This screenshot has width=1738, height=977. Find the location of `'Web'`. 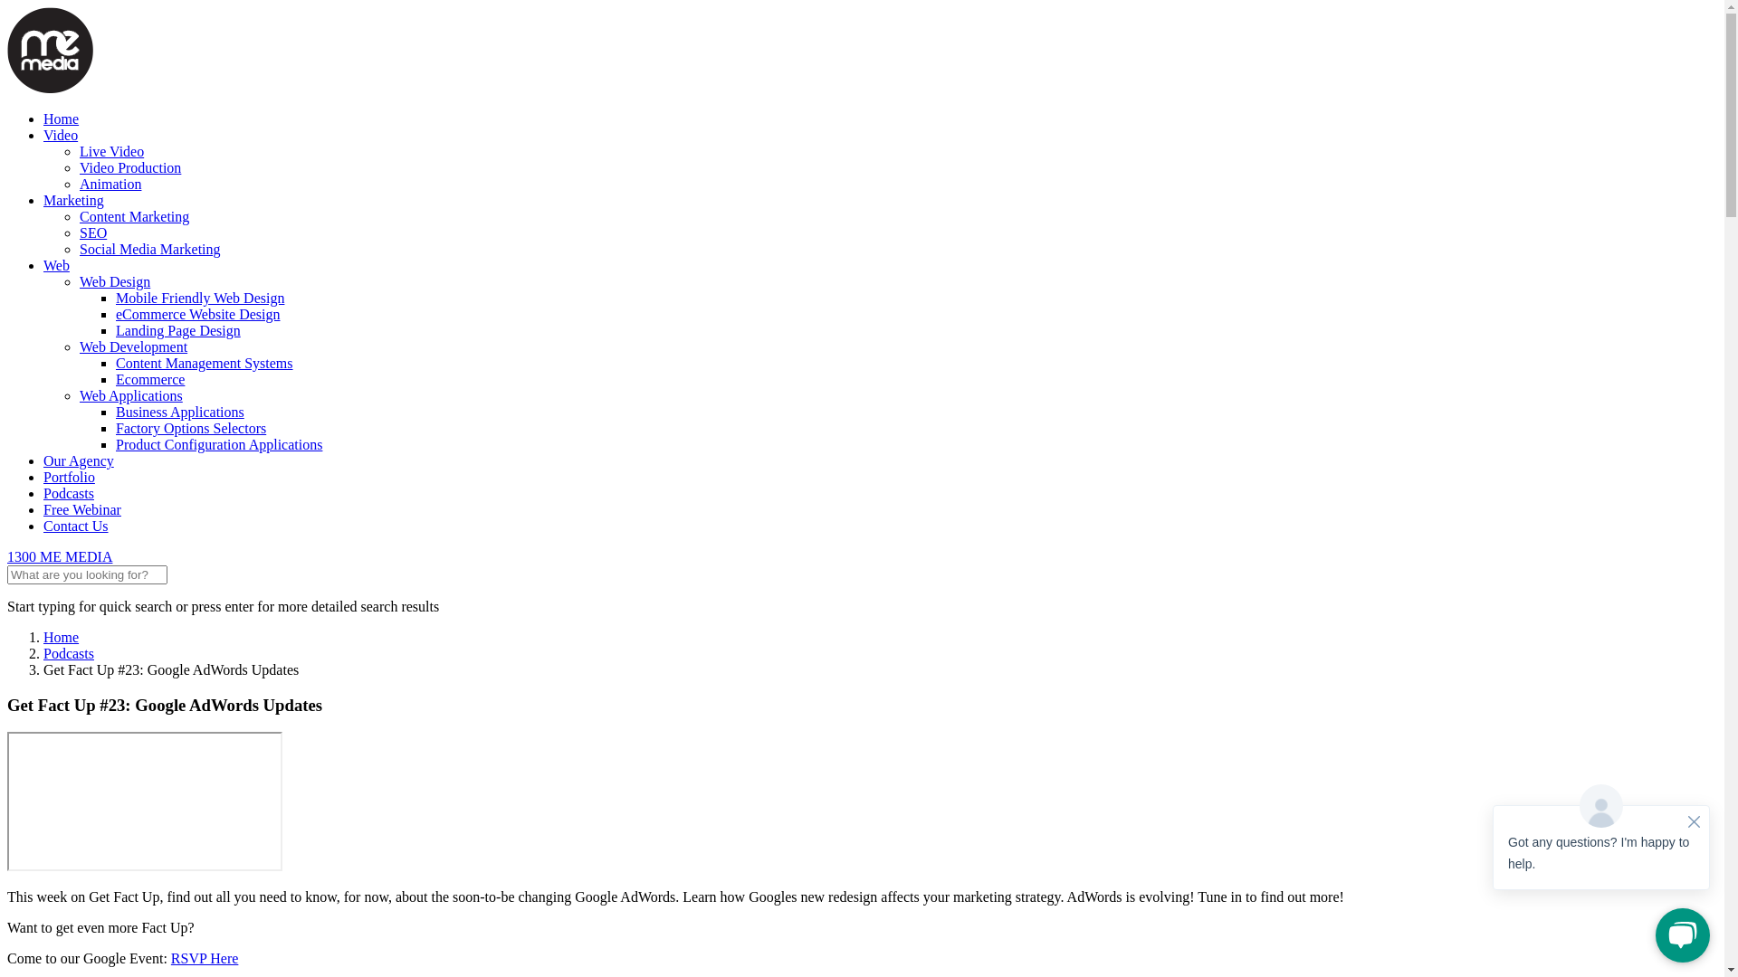

'Web' is located at coordinates (56, 265).